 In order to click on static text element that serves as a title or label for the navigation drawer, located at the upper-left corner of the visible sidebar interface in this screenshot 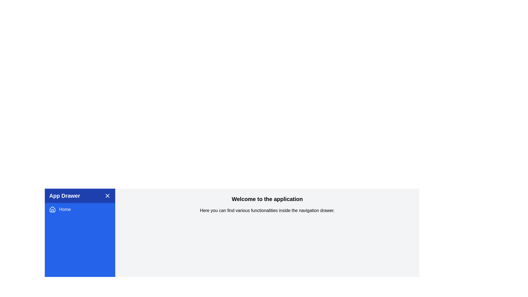, I will do `click(65, 196)`.